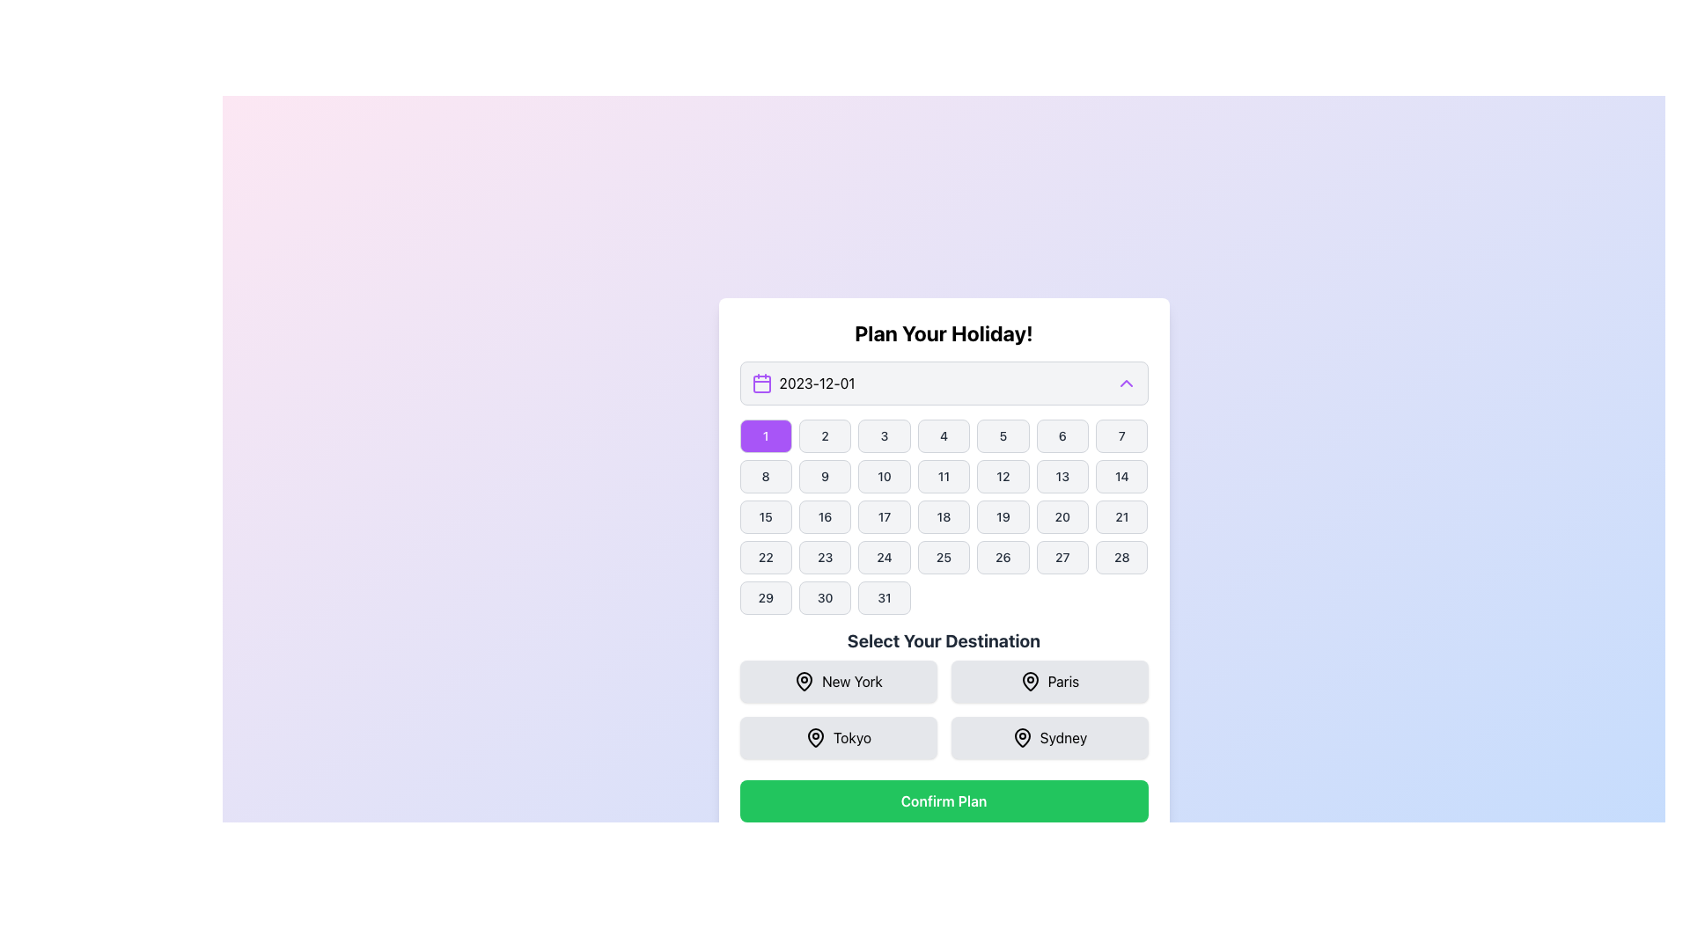 This screenshot has height=950, width=1690. Describe the element at coordinates (1062, 515) in the screenshot. I see `the rectangular button with rounded corners displaying the text '20' in black on a light gray background` at that location.